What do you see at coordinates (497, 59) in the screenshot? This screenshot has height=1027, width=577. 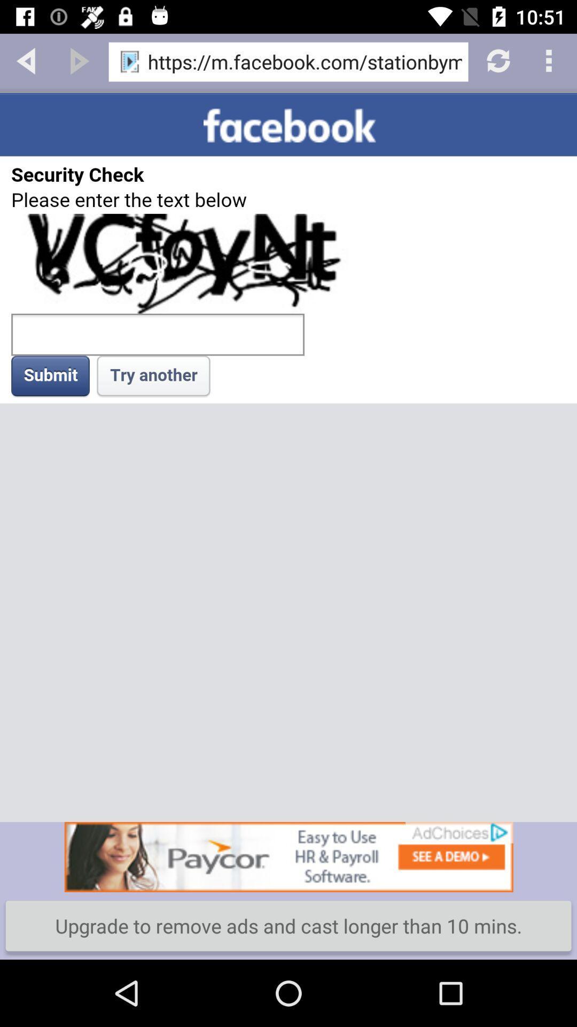 I see `refersg` at bounding box center [497, 59].